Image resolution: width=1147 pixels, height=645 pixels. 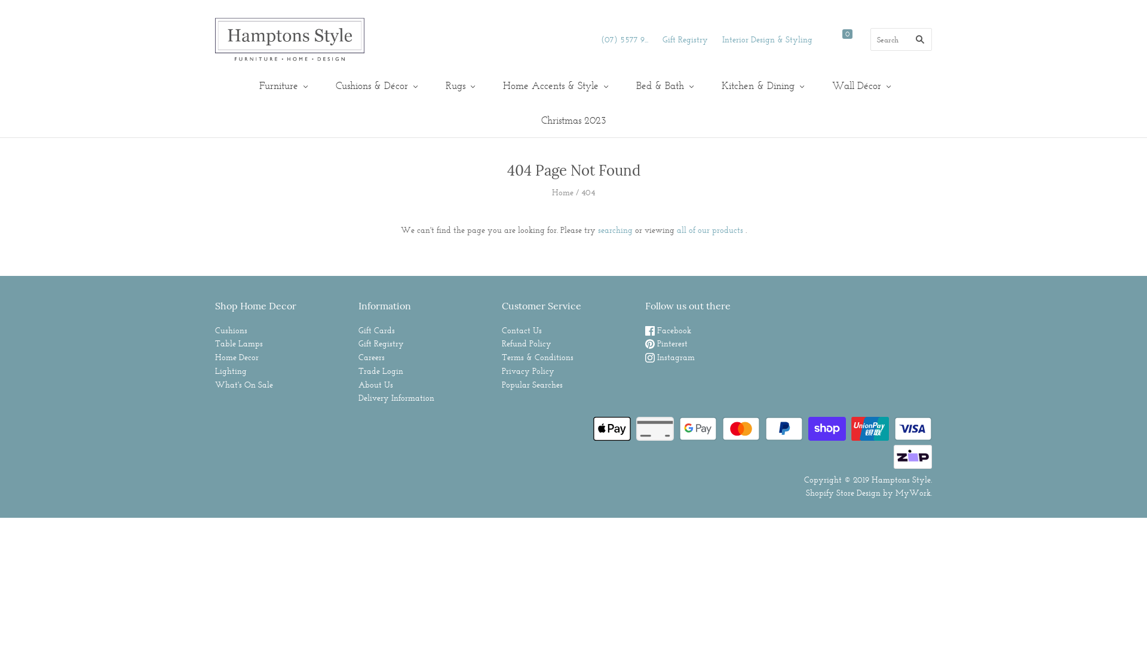 I want to click on 'Contact Us', so click(x=522, y=330).